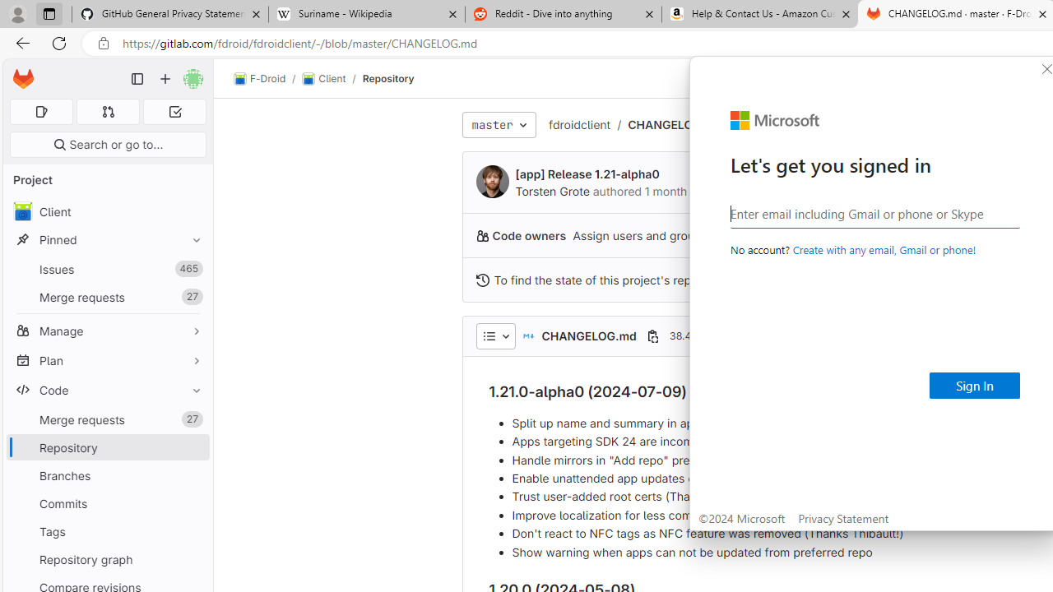  Describe the element at coordinates (19, 71) in the screenshot. I see `'Skip to main content'` at that location.